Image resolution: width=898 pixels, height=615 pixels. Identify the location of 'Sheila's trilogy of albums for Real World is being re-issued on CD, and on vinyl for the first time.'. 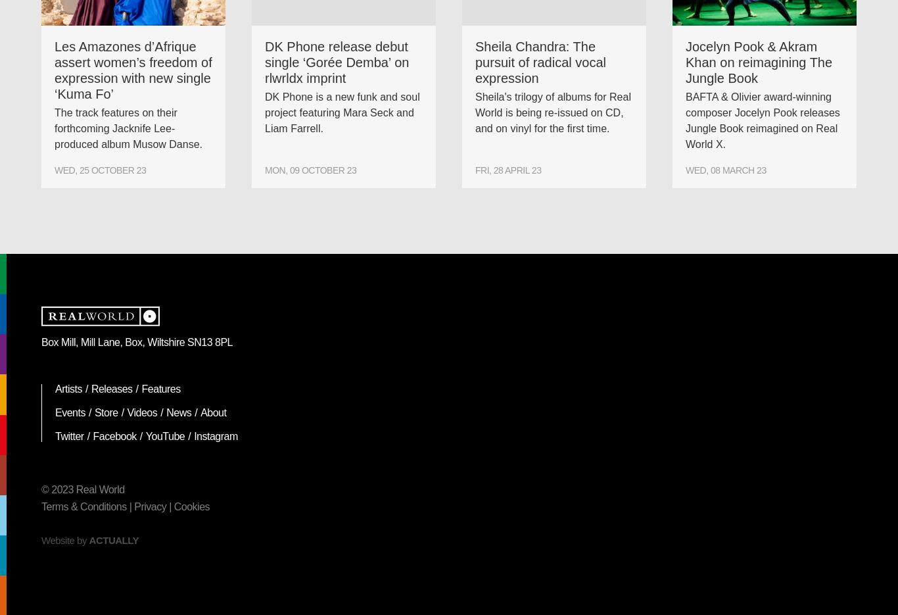
(552, 112).